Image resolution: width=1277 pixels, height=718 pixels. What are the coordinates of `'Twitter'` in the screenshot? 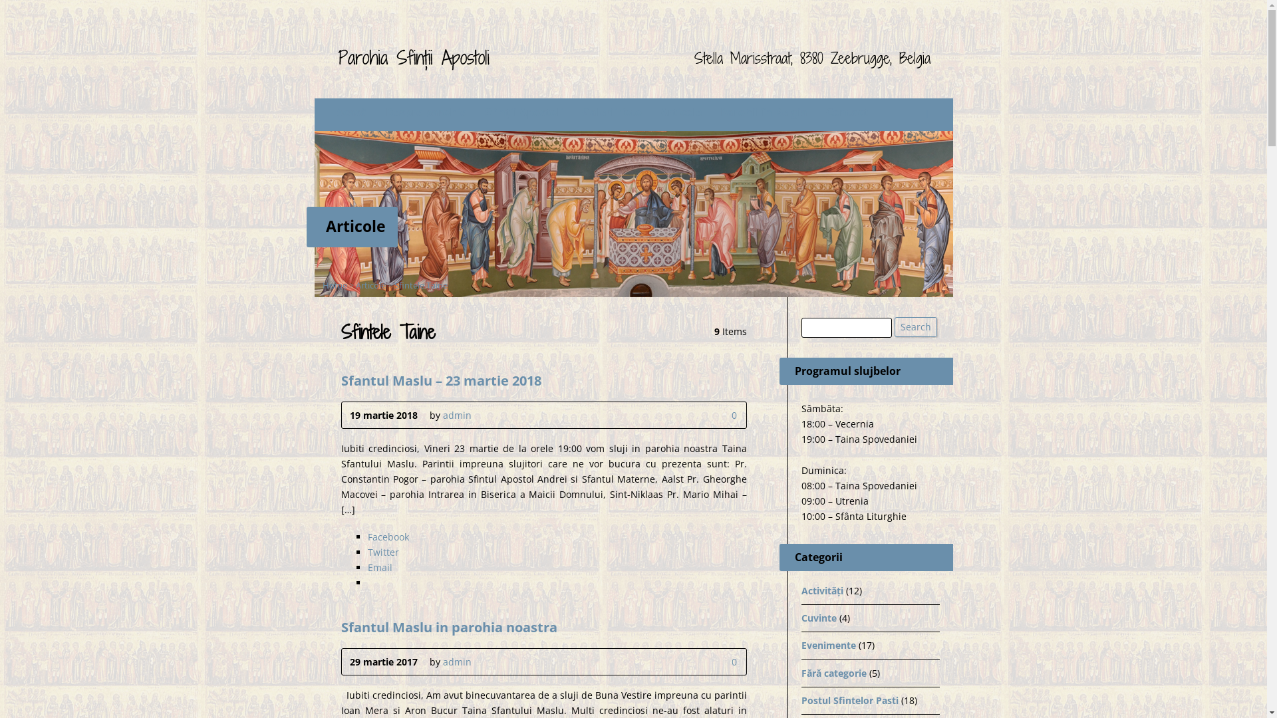 It's located at (382, 552).